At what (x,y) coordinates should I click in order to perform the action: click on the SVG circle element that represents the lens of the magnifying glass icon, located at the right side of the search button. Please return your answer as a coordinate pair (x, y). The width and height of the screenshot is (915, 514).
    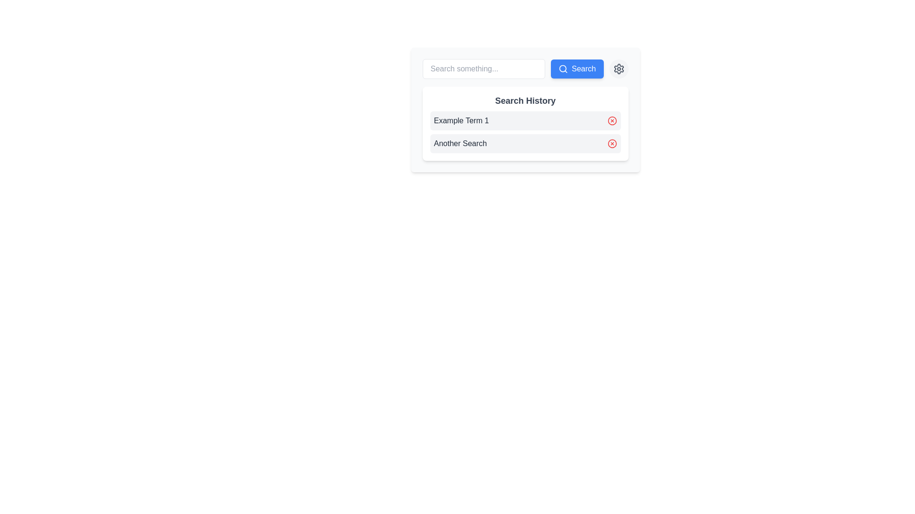
    Looking at the image, I should click on (562, 68).